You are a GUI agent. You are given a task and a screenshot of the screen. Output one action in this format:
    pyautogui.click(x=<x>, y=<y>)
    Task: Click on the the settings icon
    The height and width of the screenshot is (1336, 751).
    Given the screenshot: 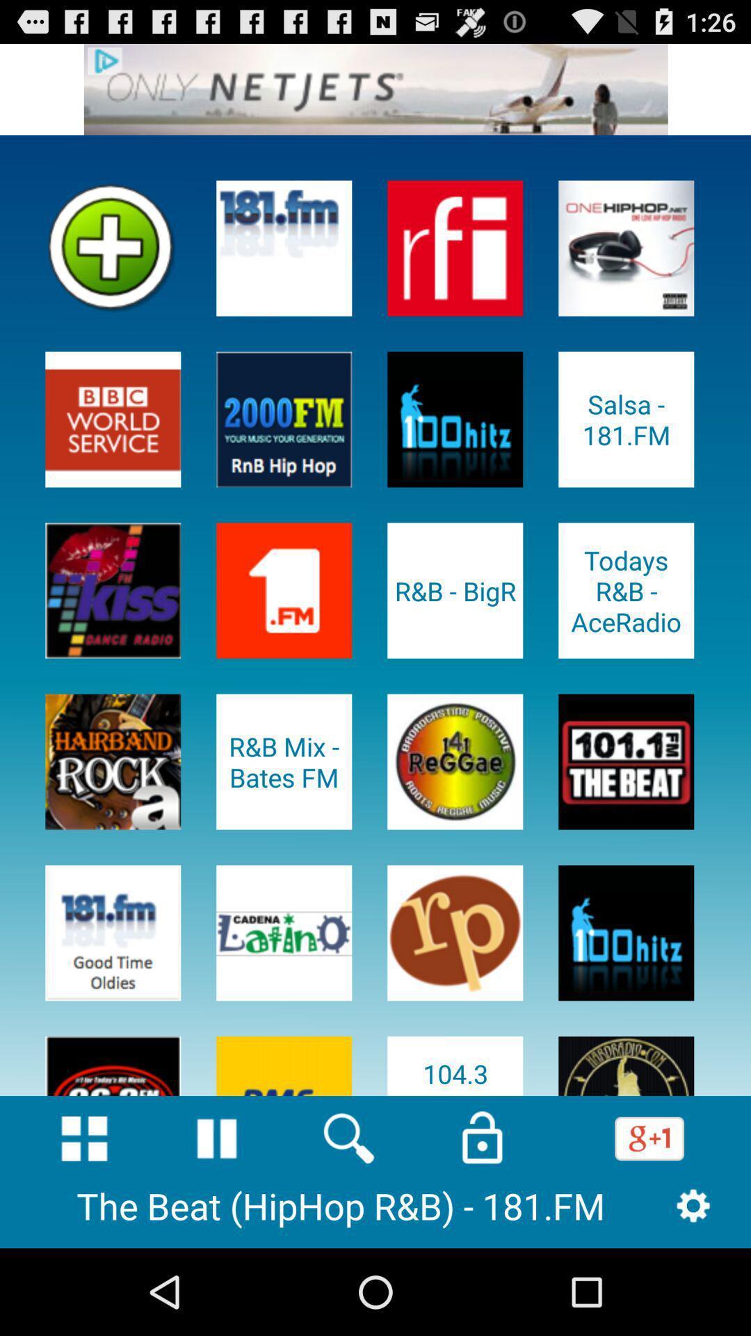 What is the action you would take?
    pyautogui.click(x=693, y=1289)
    